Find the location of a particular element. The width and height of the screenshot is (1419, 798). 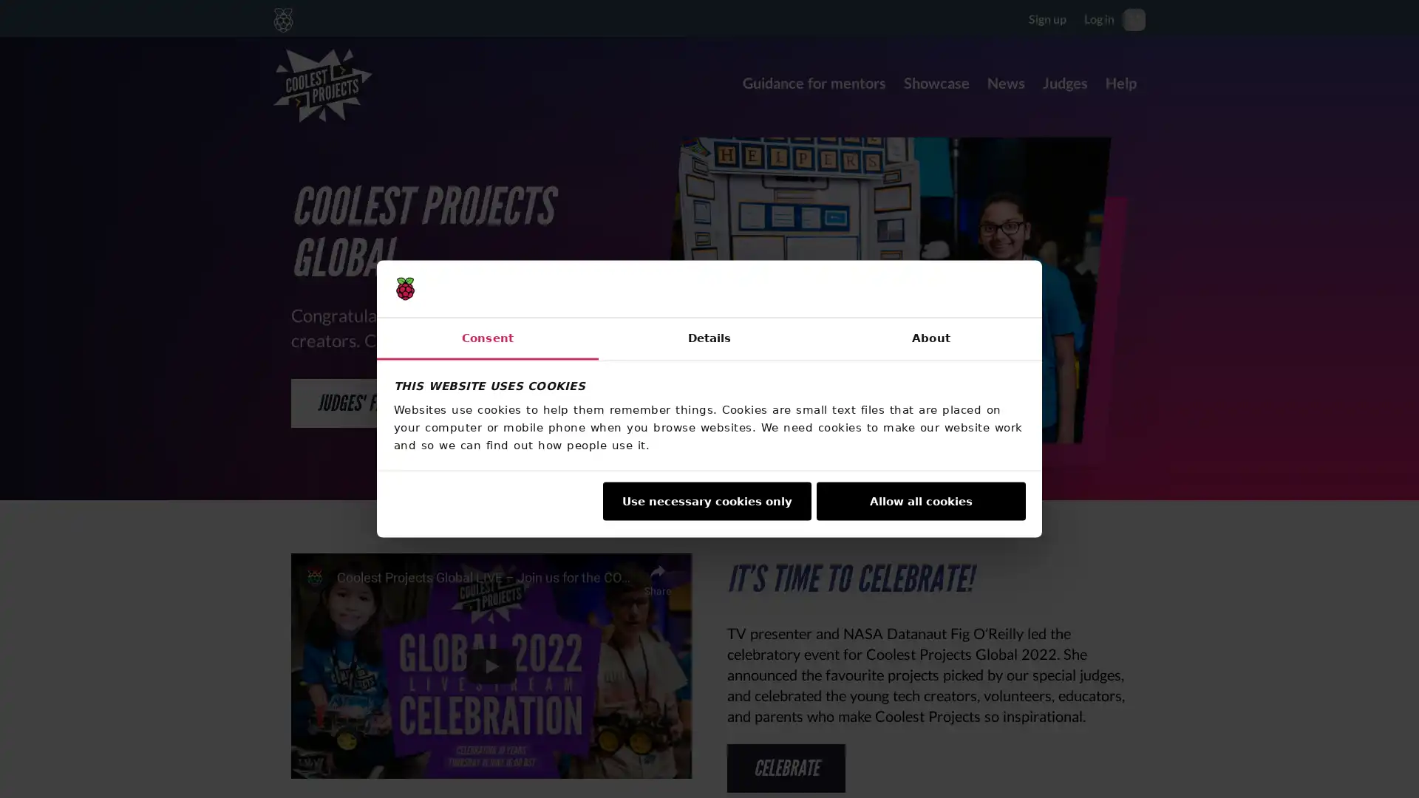

Use necessary cookies only is located at coordinates (705, 500).